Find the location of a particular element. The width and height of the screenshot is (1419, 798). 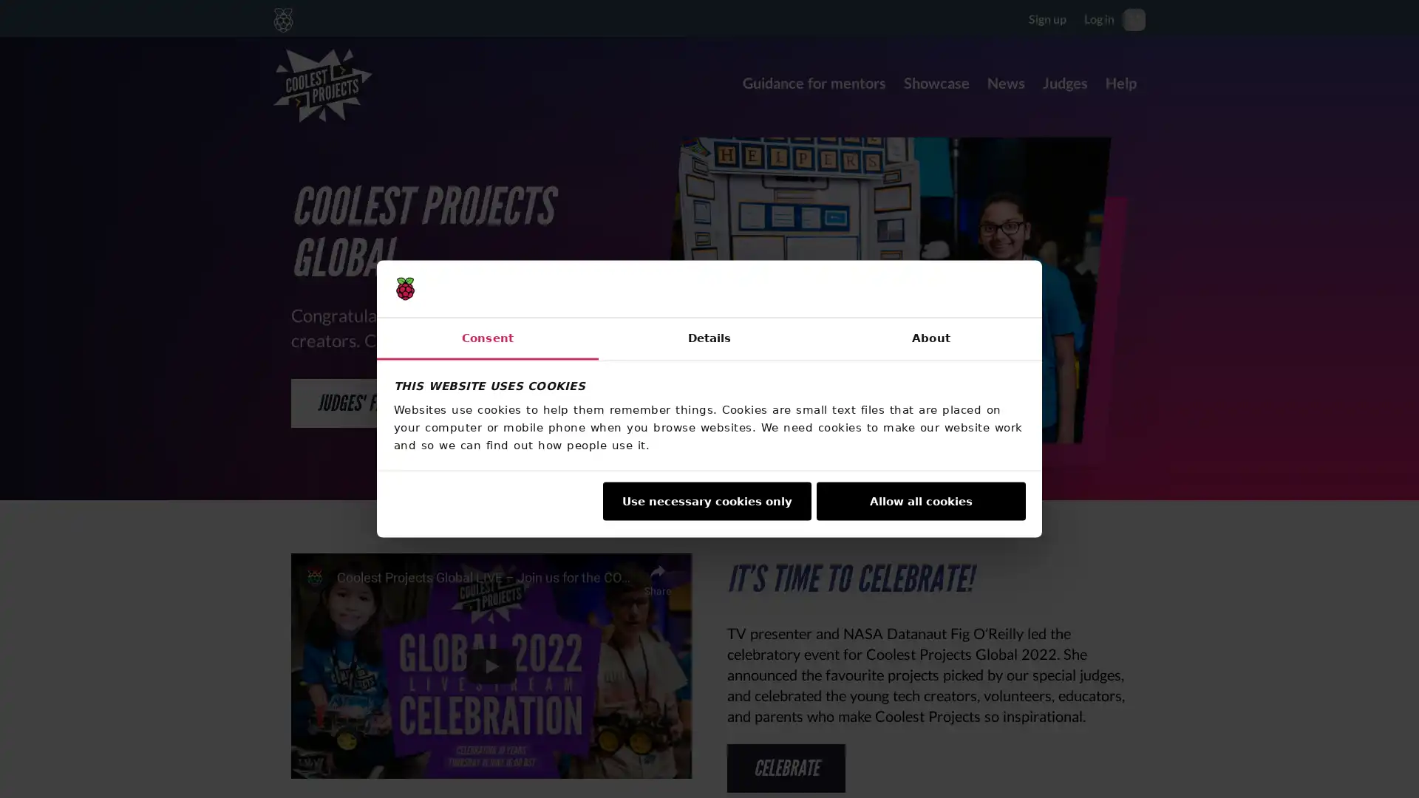

Use necessary cookies only is located at coordinates (705, 500).